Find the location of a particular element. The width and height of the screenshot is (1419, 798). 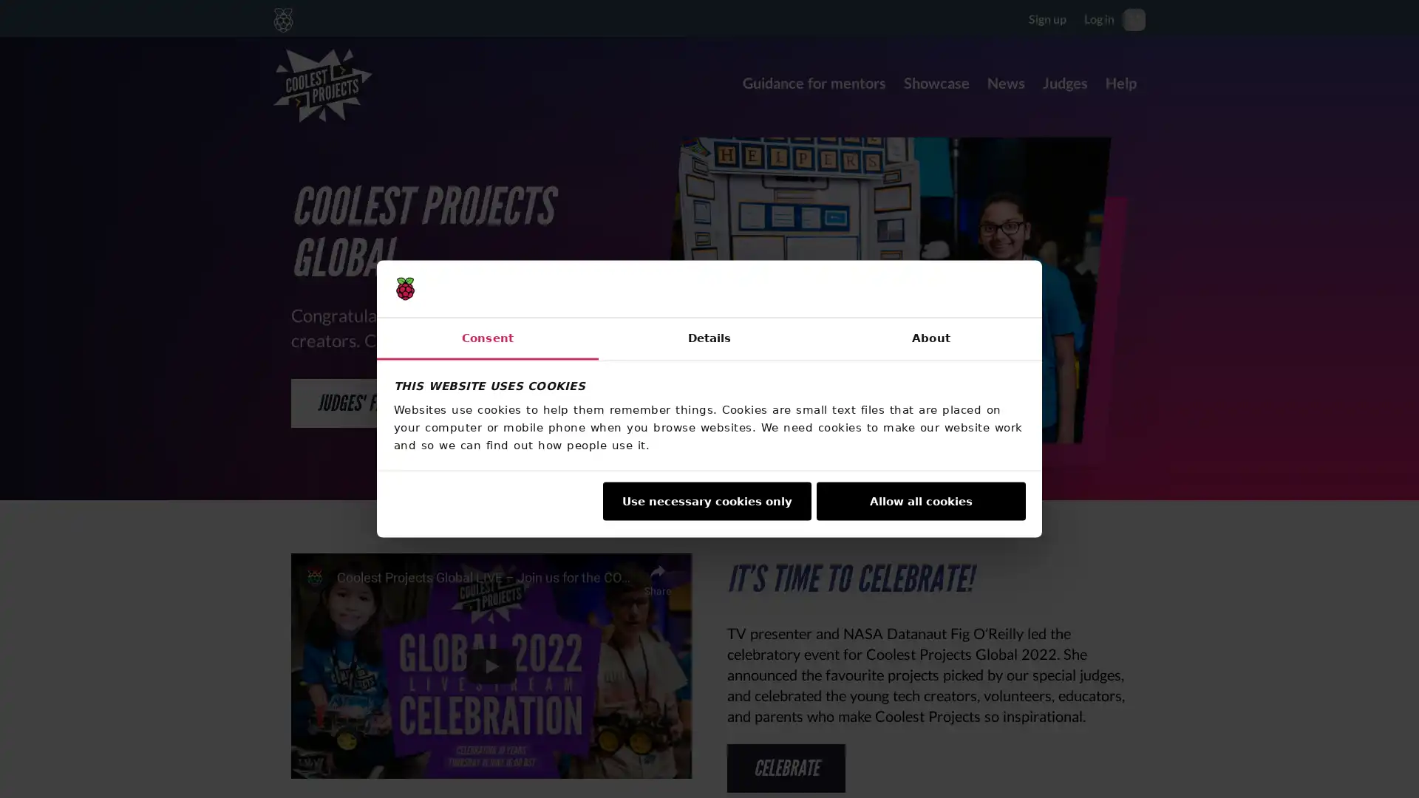

Use necessary cookies only is located at coordinates (705, 500).